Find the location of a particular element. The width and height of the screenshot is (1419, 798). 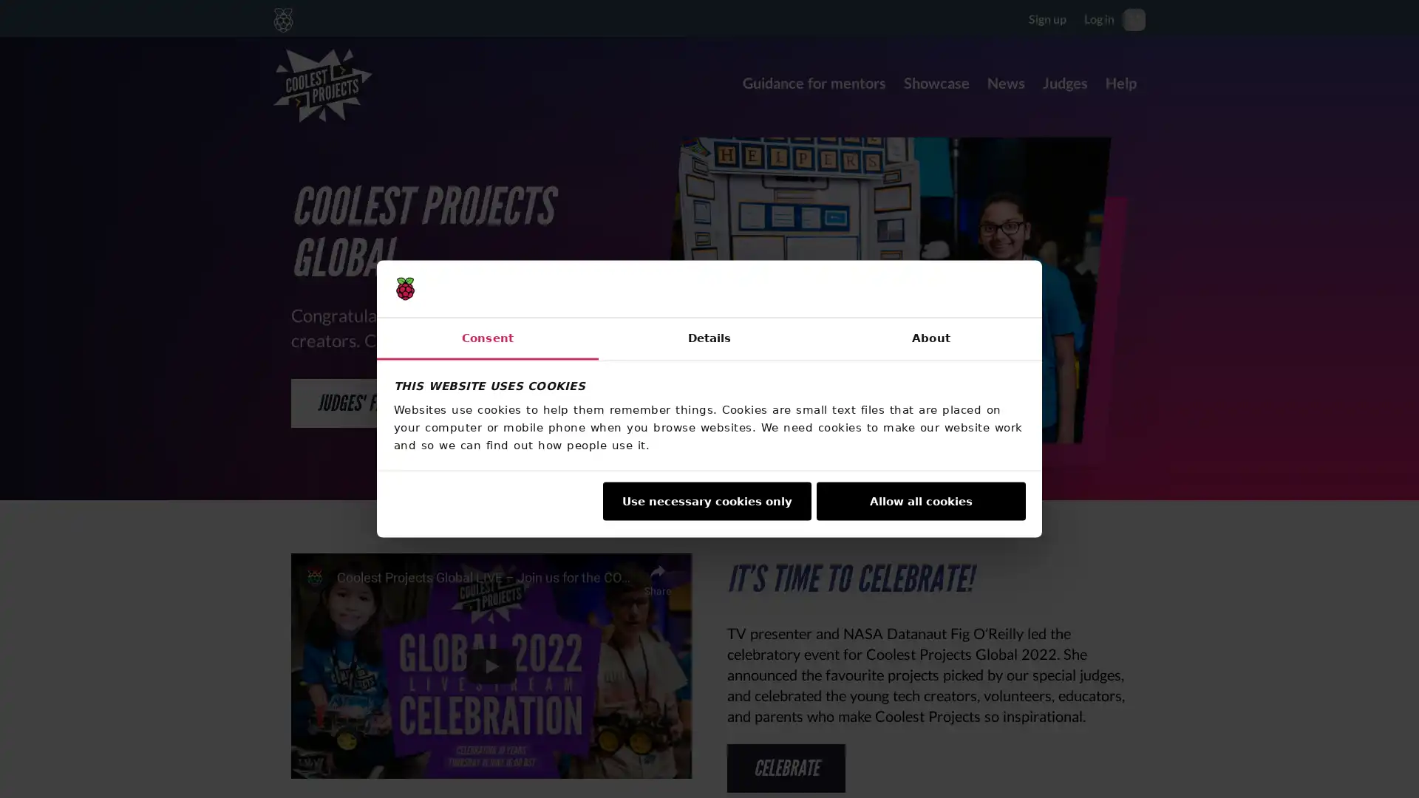

Use necessary cookies only is located at coordinates (705, 500).